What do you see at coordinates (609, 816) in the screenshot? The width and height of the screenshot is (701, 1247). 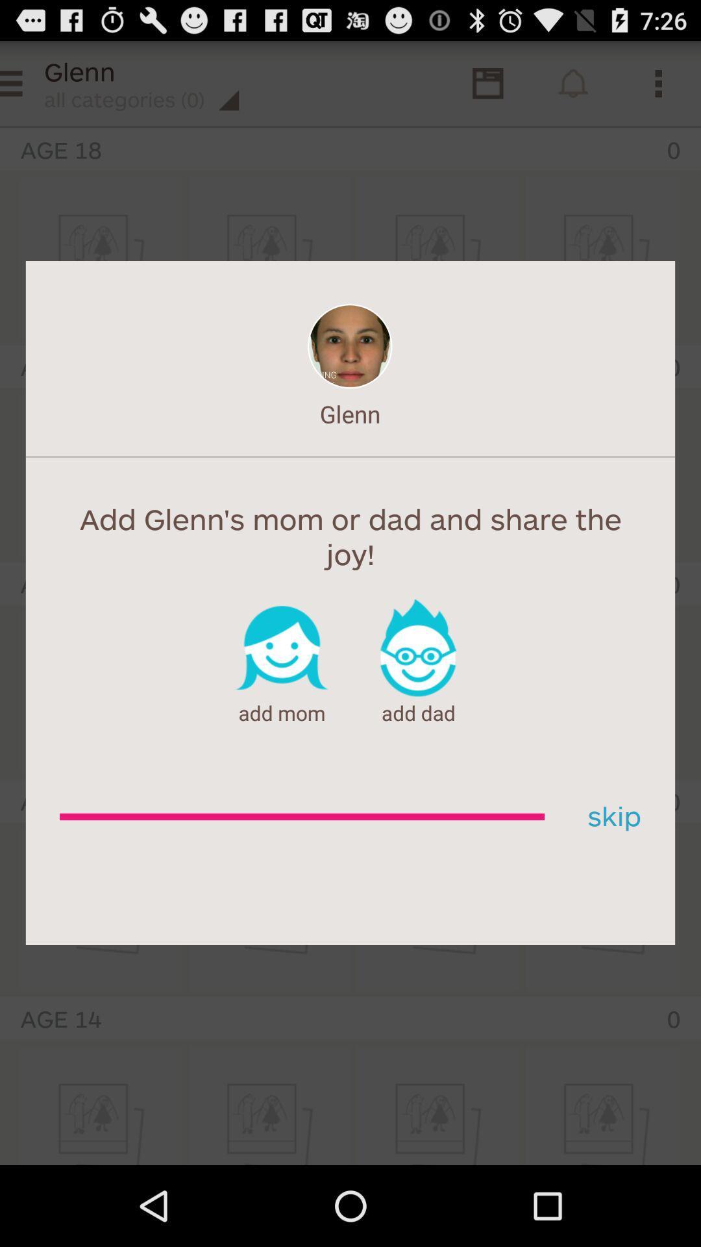 I see `skip item` at bounding box center [609, 816].